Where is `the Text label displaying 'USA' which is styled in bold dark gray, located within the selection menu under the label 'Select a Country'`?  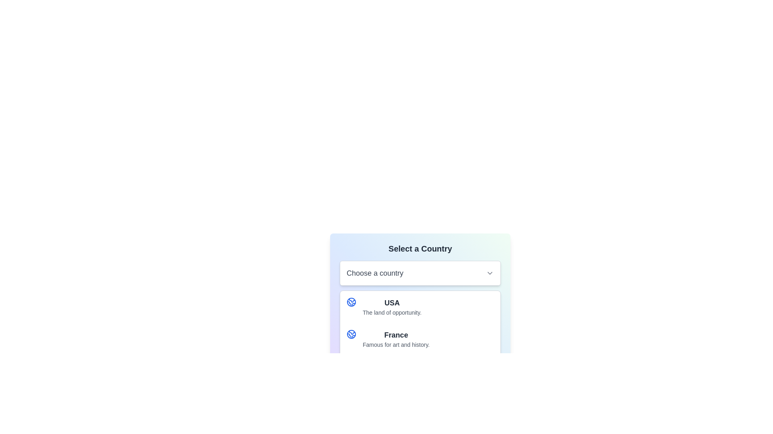
the Text label displaying 'USA' which is styled in bold dark gray, located within the selection menu under the label 'Select a Country' is located at coordinates (392, 303).